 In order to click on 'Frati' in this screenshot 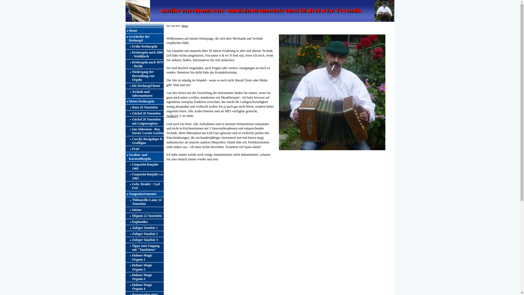, I will do `click(125, 149)`.